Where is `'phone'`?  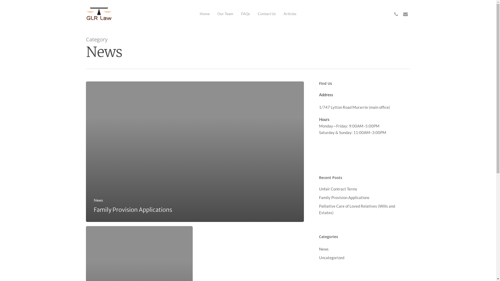
'phone' is located at coordinates (391, 13).